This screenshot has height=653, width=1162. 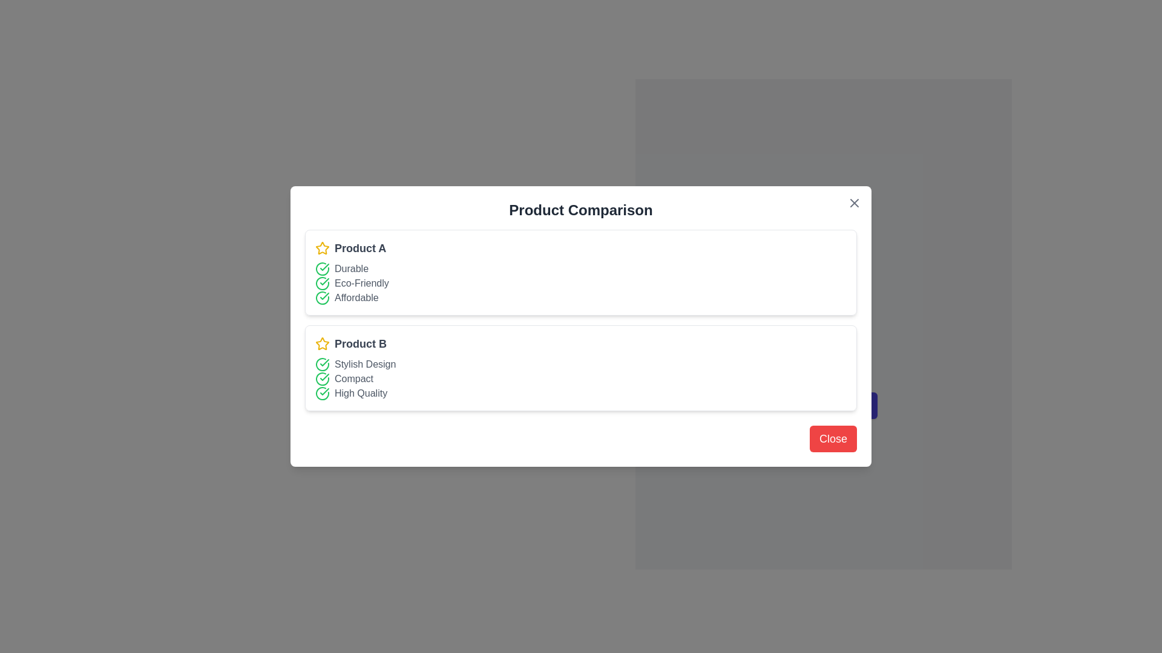 What do you see at coordinates (322, 247) in the screenshot?
I see `the golden star icon with sharp edges located to the left of the 'Product B' title in the product comparison dialog` at bounding box center [322, 247].